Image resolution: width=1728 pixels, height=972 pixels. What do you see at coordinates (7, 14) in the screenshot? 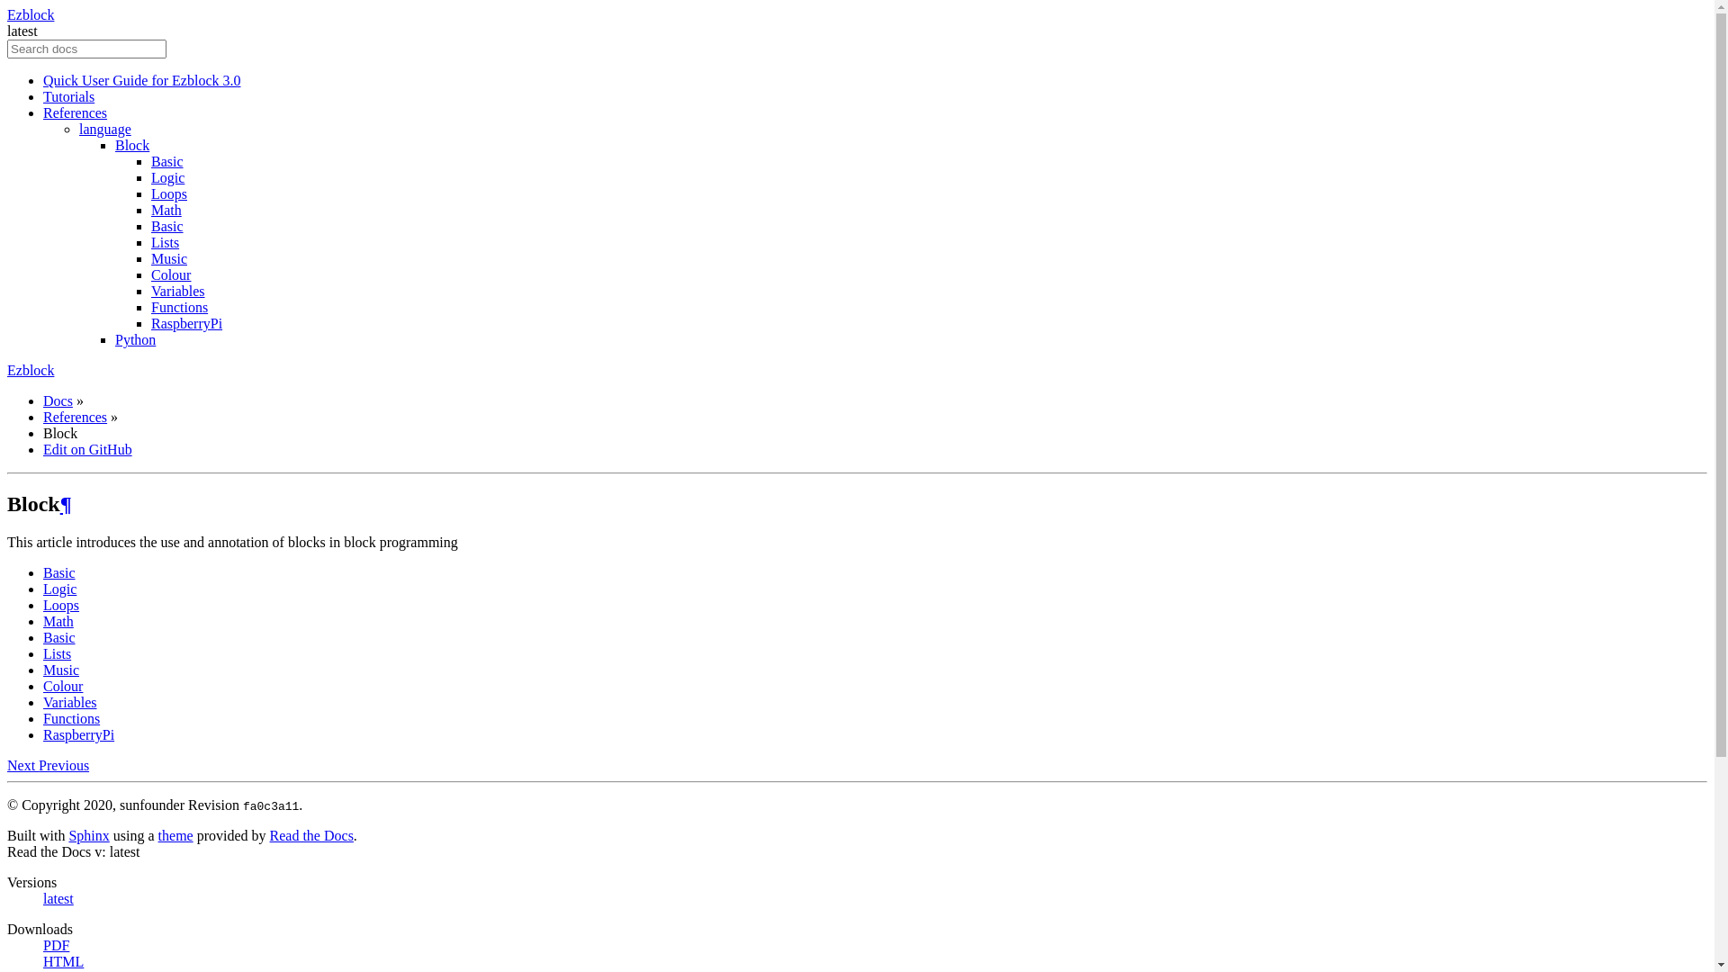
I see `'Ezblock'` at bounding box center [7, 14].